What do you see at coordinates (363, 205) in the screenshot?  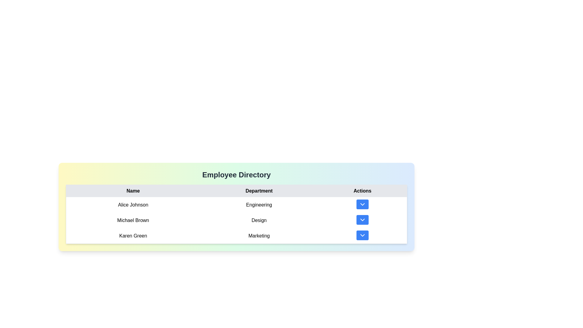 I see `the action button in the 'Actions' column for the 'Alice Johnson' row in the 'Employee Directory' table to trigger the hover effect` at bounding box center [363, 205].